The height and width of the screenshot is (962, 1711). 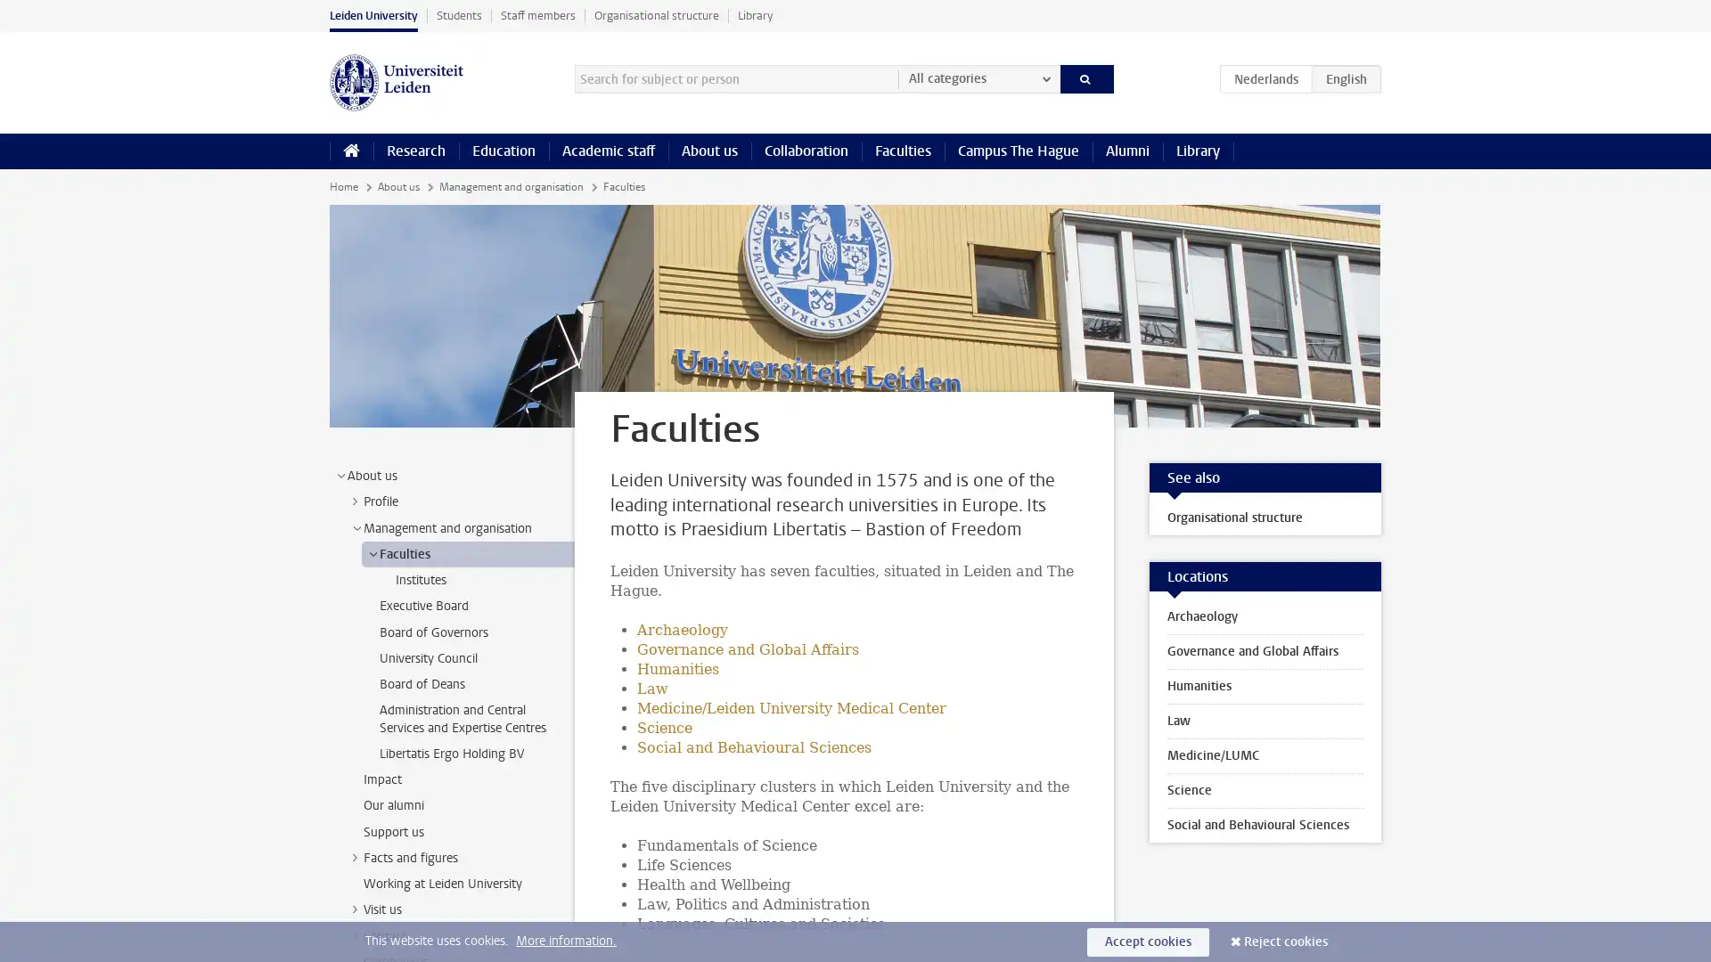 What do you see at coordinates (1148, 941) in the screenshot?
I see `Accept cookies` at bounding box center [1148, 941].